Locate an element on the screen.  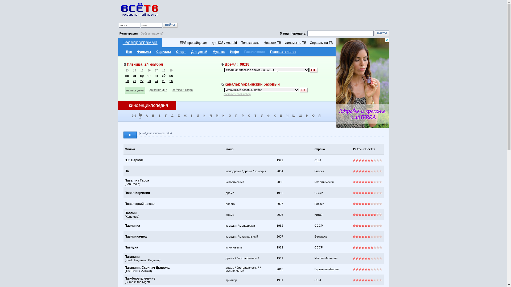
'19' is located at coordinates (171, 70).